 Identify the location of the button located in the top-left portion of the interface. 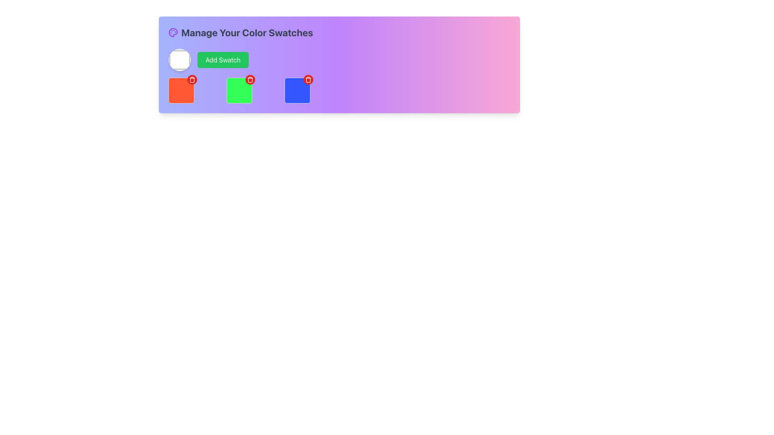
(223, 60).